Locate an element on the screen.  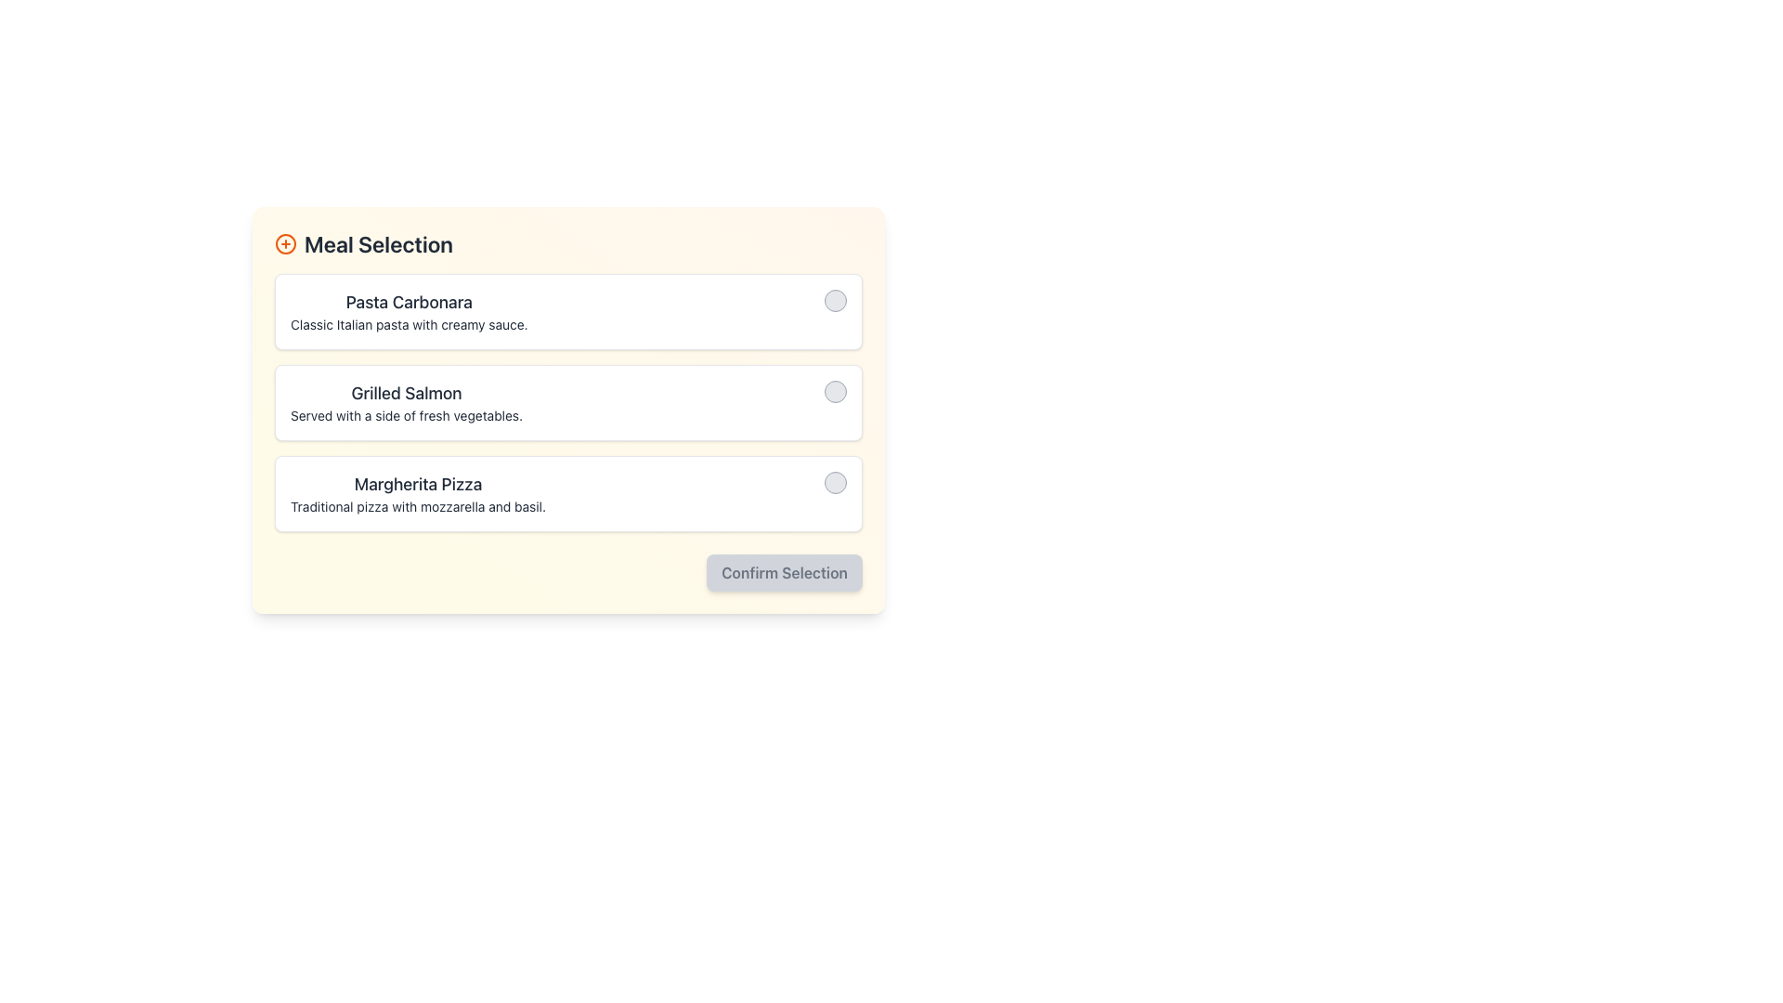
the meal option represented by the third List Item in the menu by clicking on the circular UI element located at its far-right edge is located at coordinates (567, 493).